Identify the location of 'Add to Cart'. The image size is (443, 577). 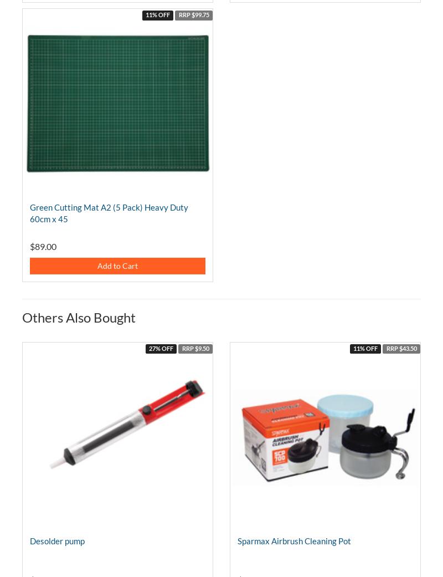
(117, 265).